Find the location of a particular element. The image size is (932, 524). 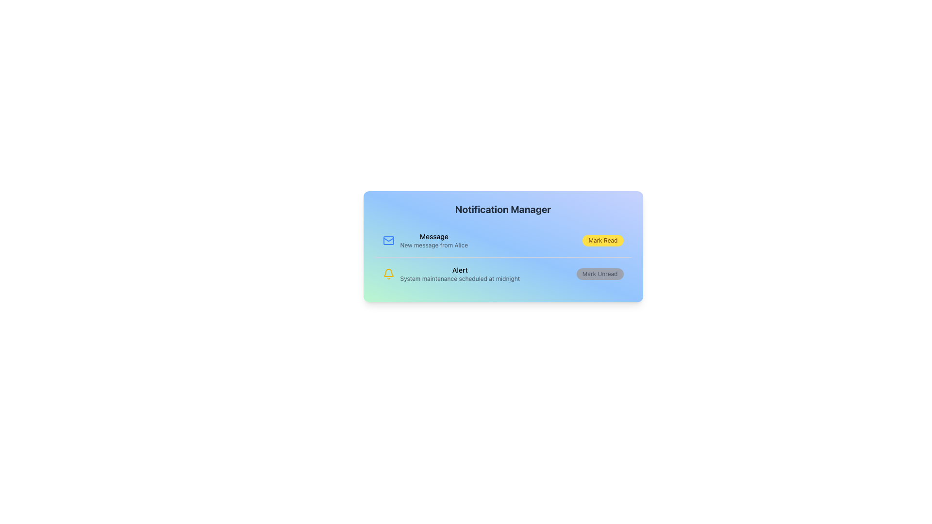

the Notification panel that displays a scheduled system maintenance alert, located in the bottom-left quadrant of the notification manager interface is located at coordinates (450, 274).